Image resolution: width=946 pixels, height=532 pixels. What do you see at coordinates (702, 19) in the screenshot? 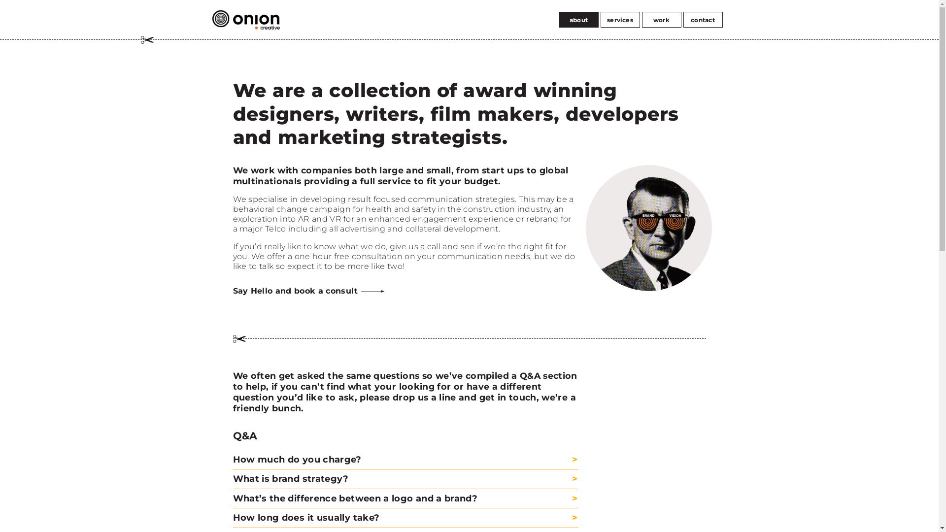
I see `'contact'` at bounding box center [702, 19].